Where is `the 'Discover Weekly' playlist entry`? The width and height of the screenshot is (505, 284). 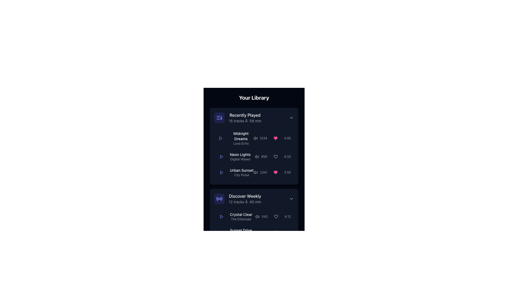
the 'Discover Weekly' playlist entry is located at coordinates (237, 199).